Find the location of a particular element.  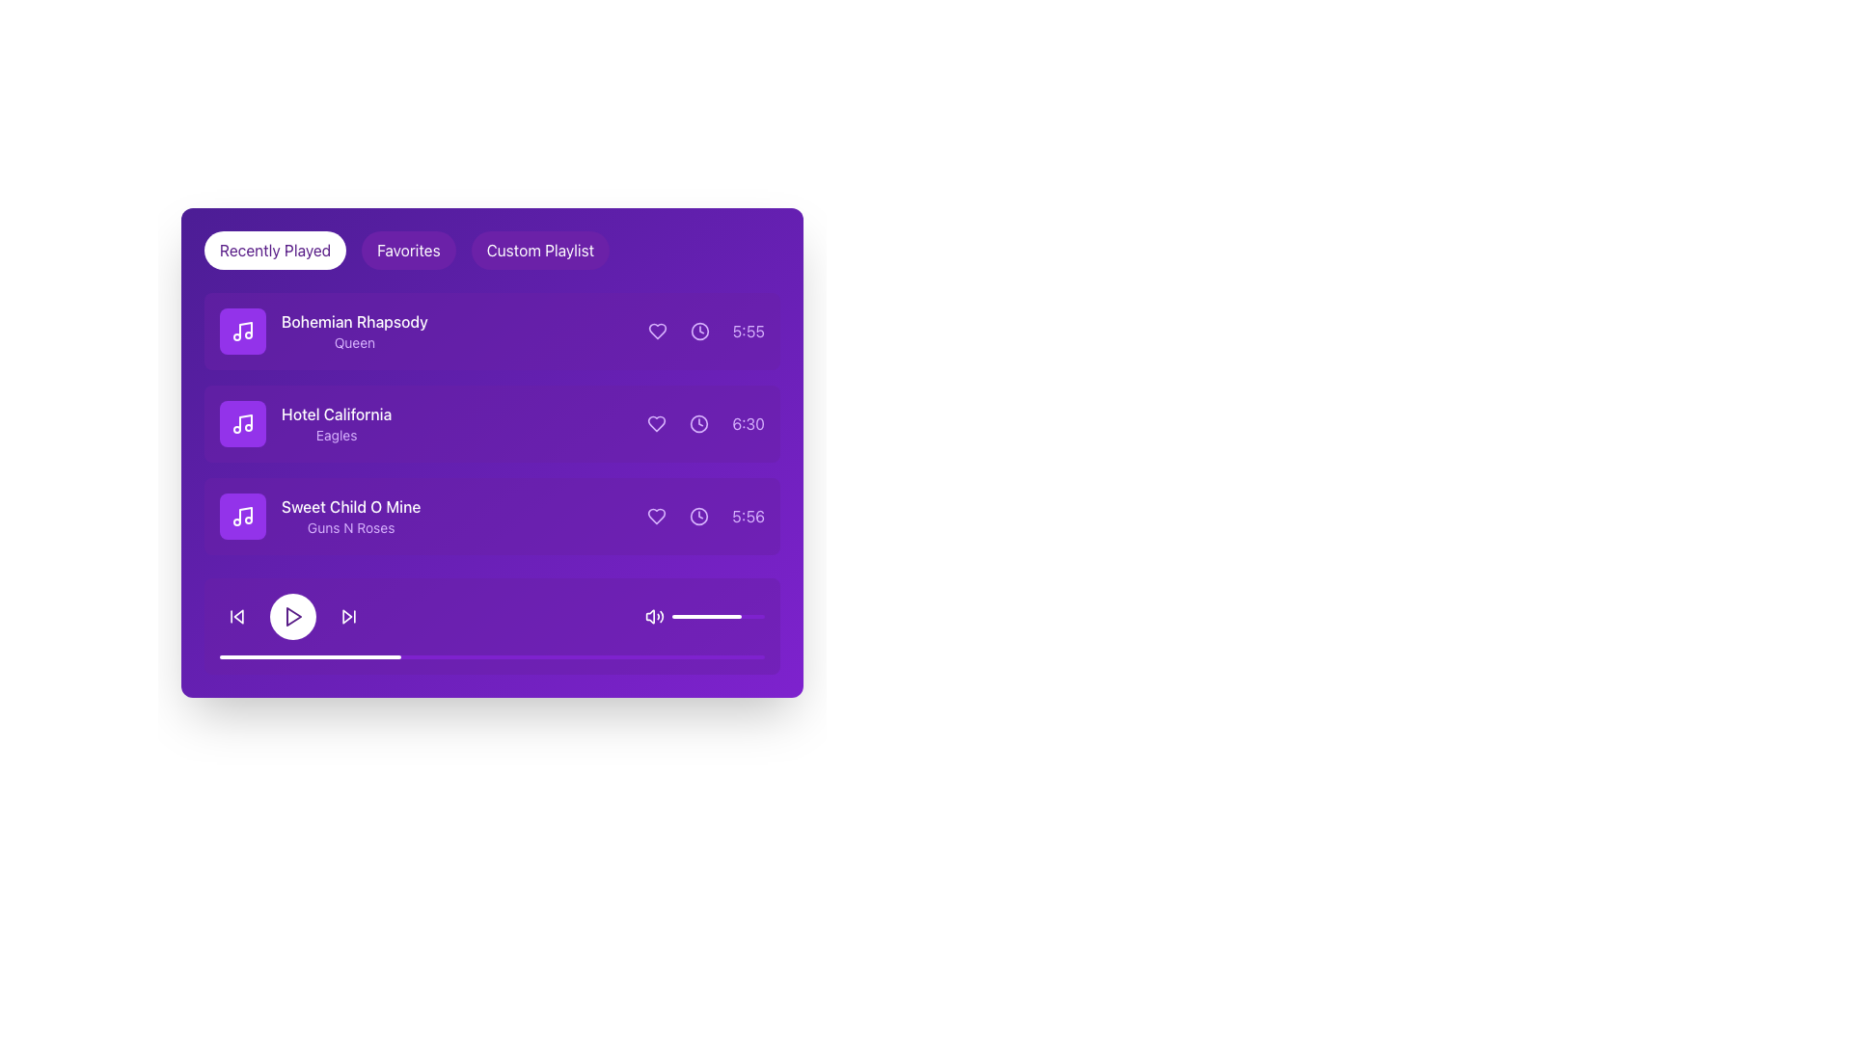

the 'like' button located next to 'Hotel California' is located at coordinates (657, 422).